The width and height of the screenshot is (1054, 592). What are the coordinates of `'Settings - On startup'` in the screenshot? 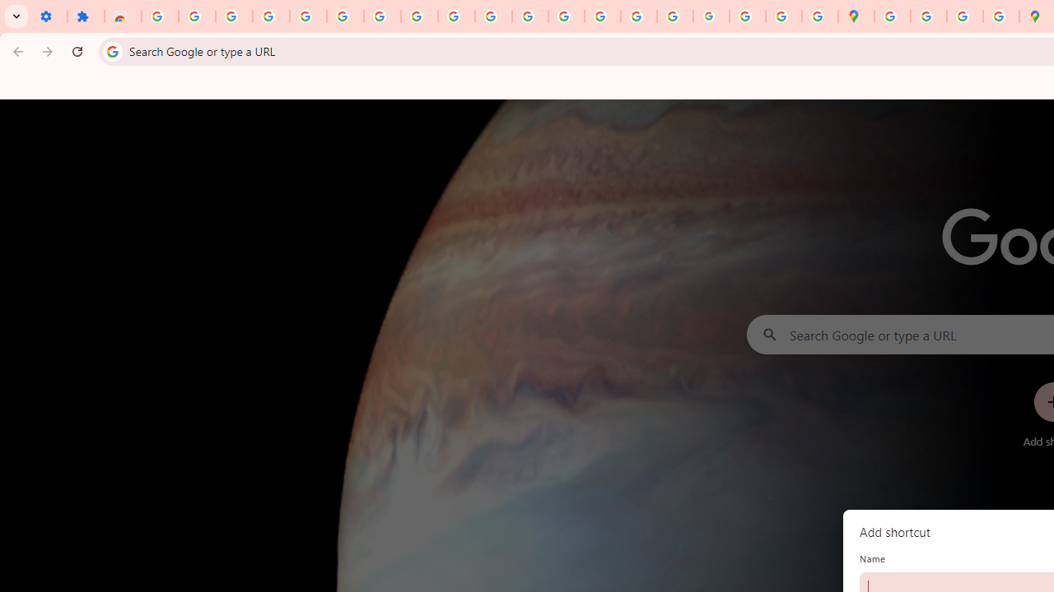 It's located at (49, 16).